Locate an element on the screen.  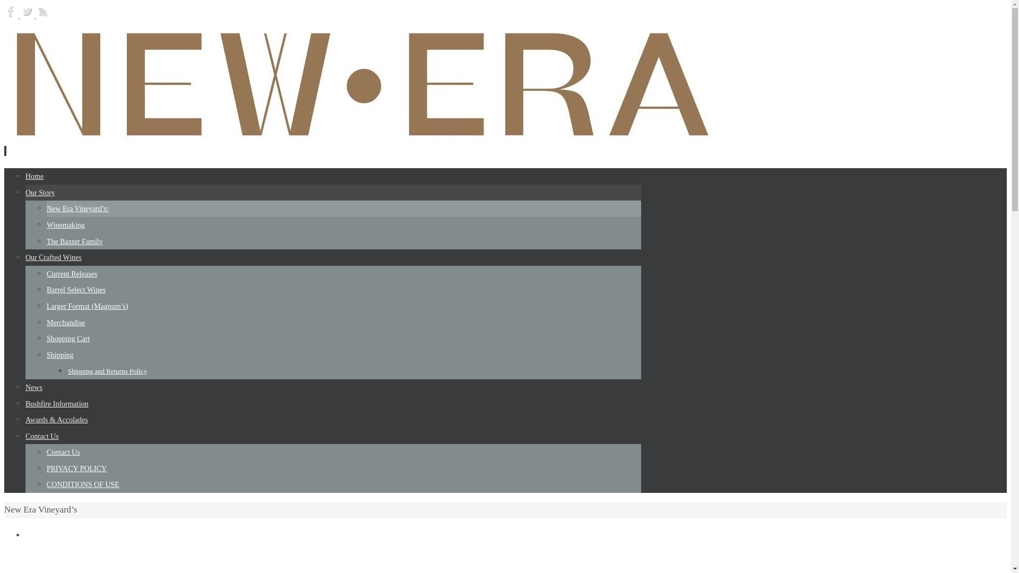
'RSS' is located at coordinates (42, 15).